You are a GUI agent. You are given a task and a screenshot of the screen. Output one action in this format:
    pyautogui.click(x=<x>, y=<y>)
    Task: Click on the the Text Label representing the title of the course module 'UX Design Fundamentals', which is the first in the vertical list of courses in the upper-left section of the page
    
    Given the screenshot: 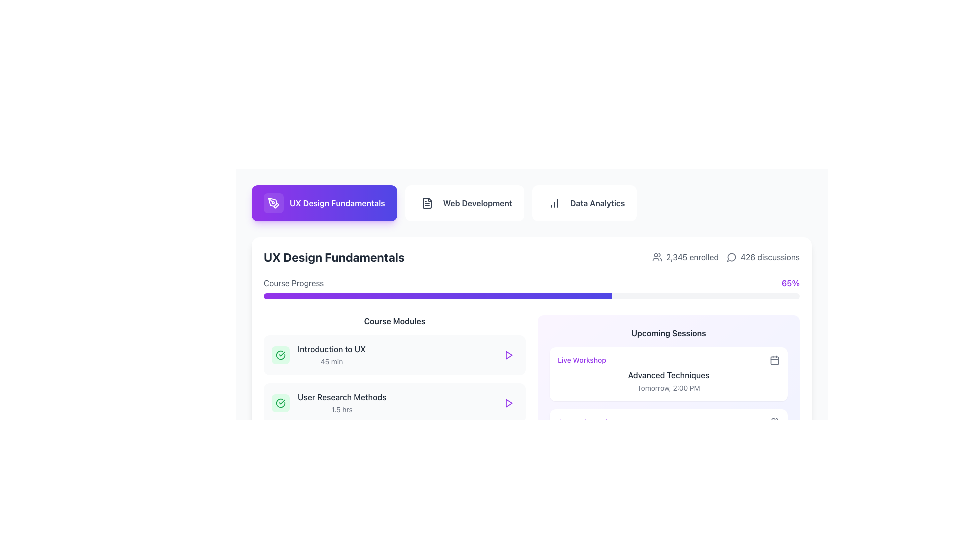 What is the action you would take?
    pyautogui.click(x=331, y=348)
    